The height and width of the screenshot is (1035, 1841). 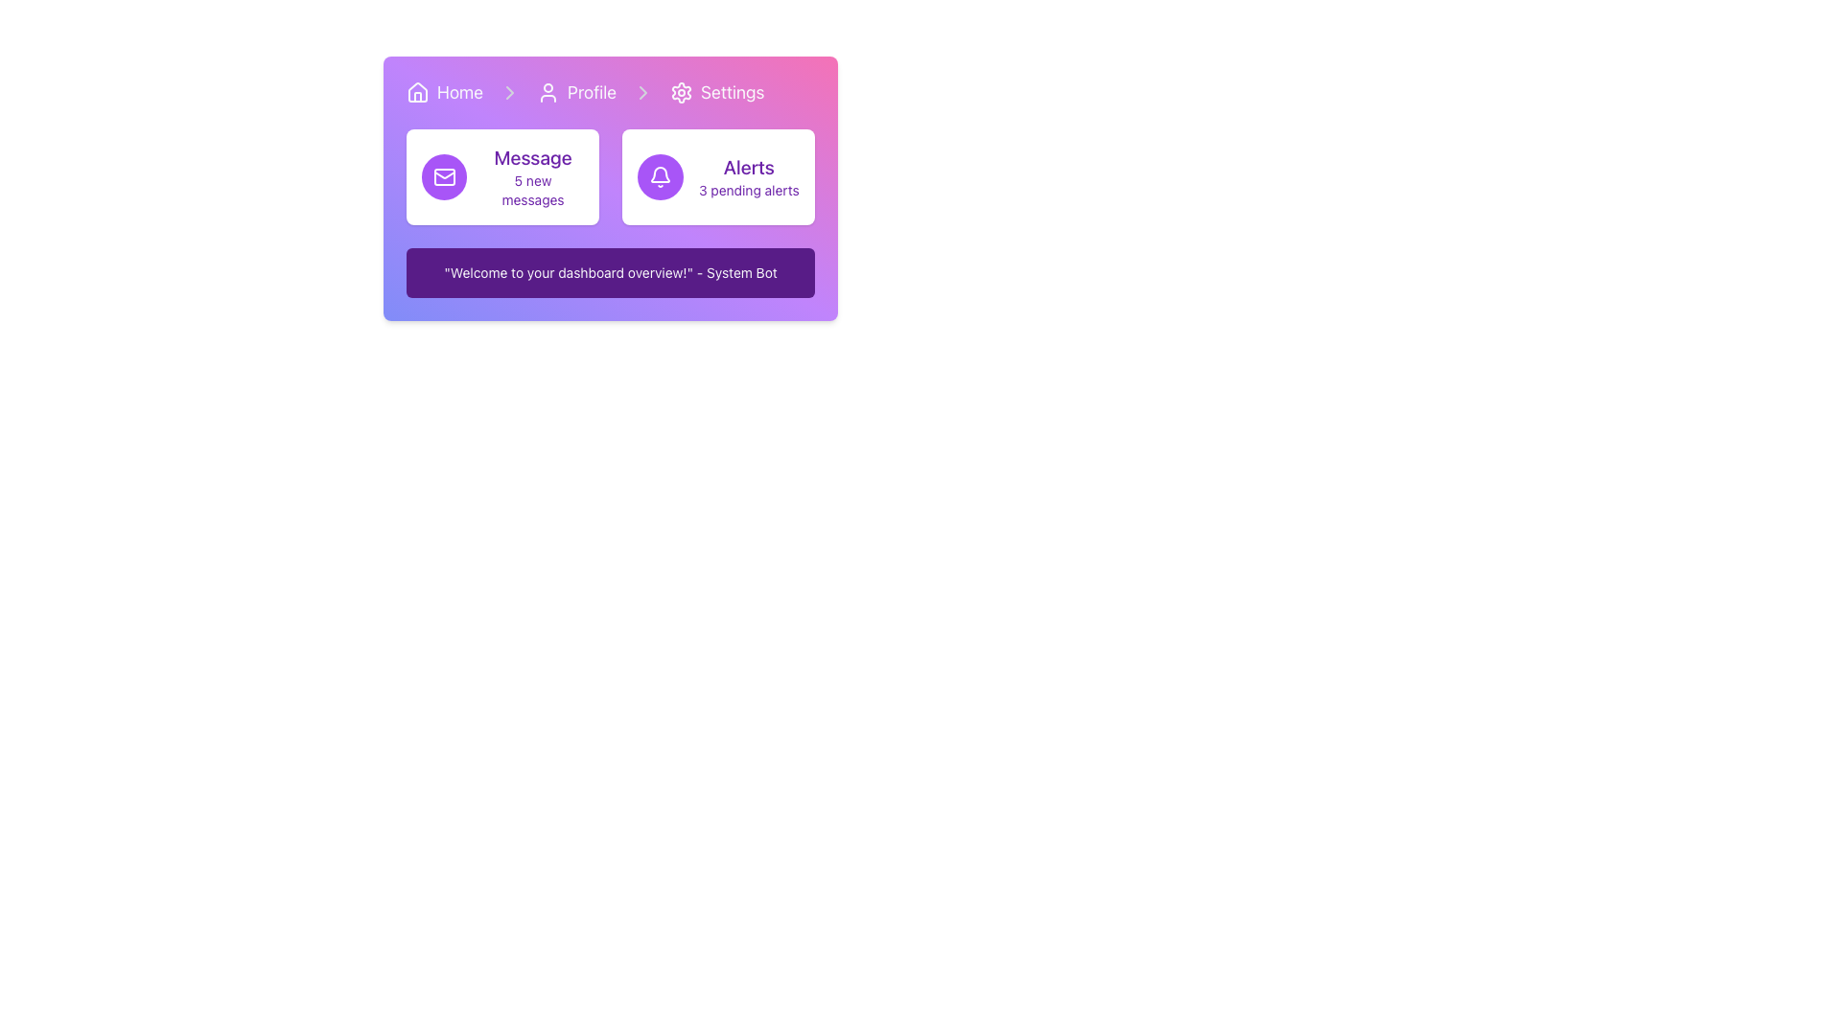 I want to click on text label displaying 'Alerts' which is styled in bold, larger size font and is located above the '3 pending alerts' text in the notification area, so click(x=748, y=166).